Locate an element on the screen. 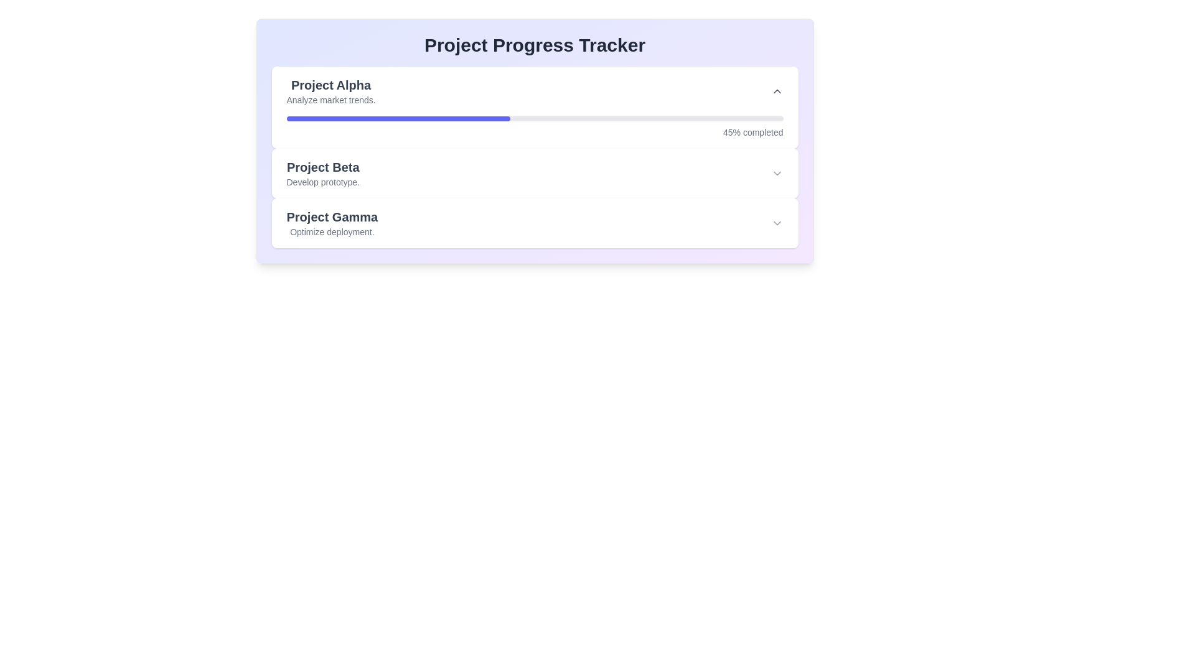  the text label reading 'Project Gamma' styled in a large and bold font, located centrally in the interface and positioned above the description 'Optimize deployment.' is located at coordinates (332, 216).